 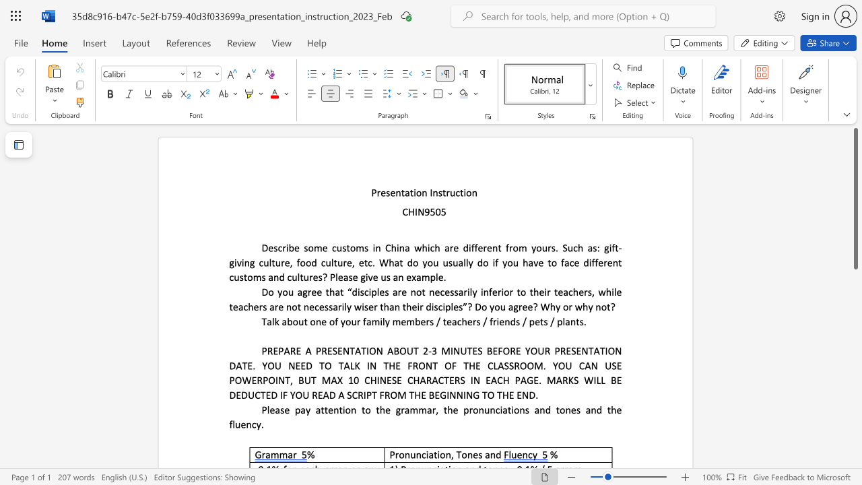 What do you see at coordinates (261, 321) in the screenshot?
I see `the subset text "Talk about" within the text "Talk about one of your family members / teachers / friends / pets / plants."` at bounding box center [261, 321].